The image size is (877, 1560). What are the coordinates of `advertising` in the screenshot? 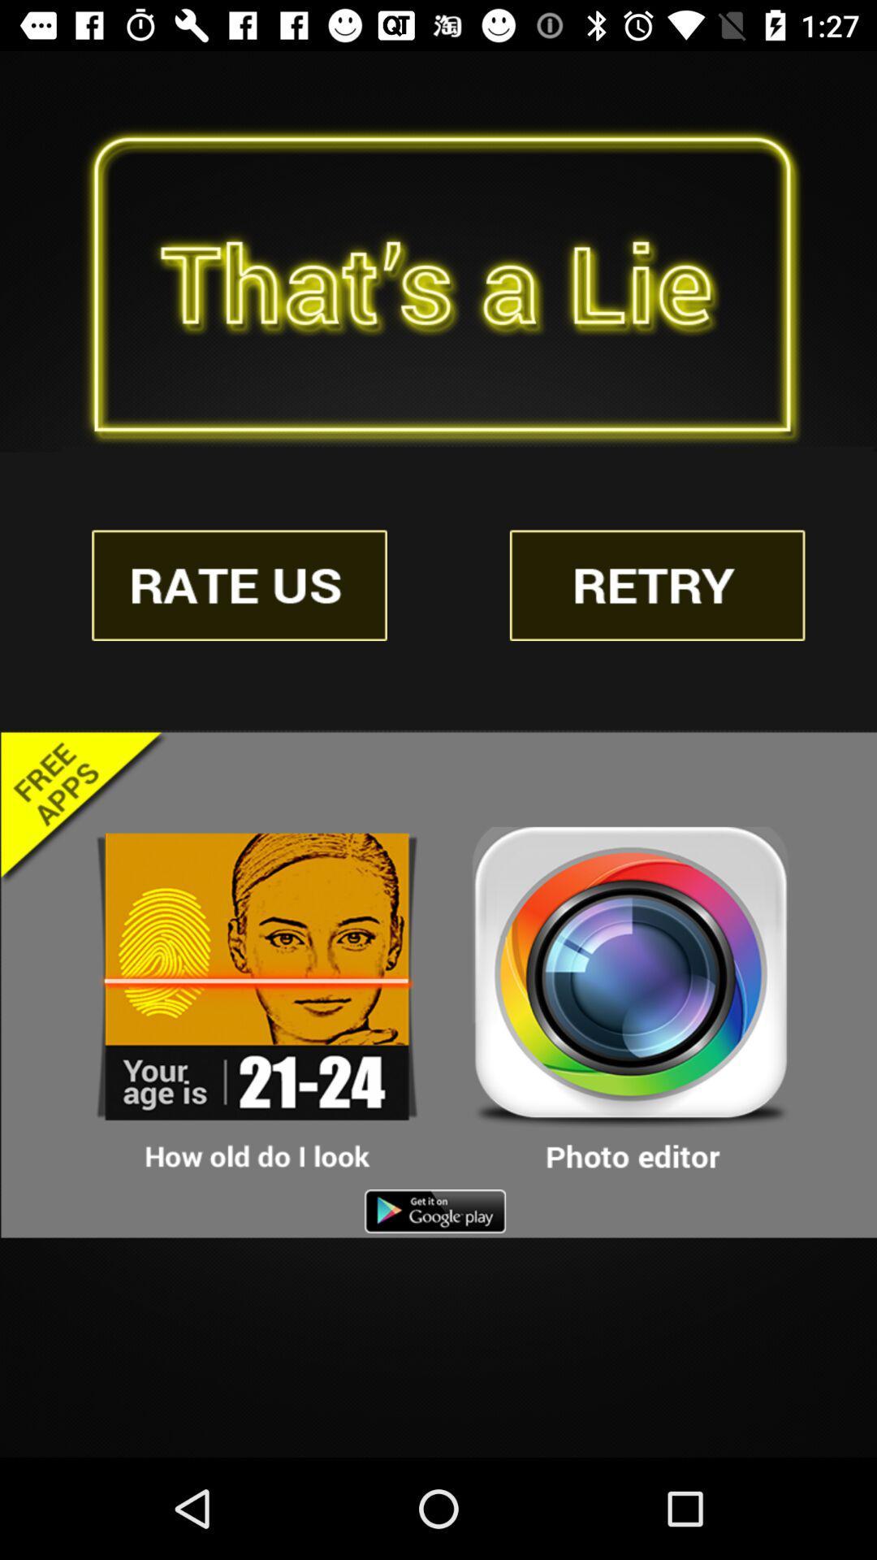 It's located at (257, 999).